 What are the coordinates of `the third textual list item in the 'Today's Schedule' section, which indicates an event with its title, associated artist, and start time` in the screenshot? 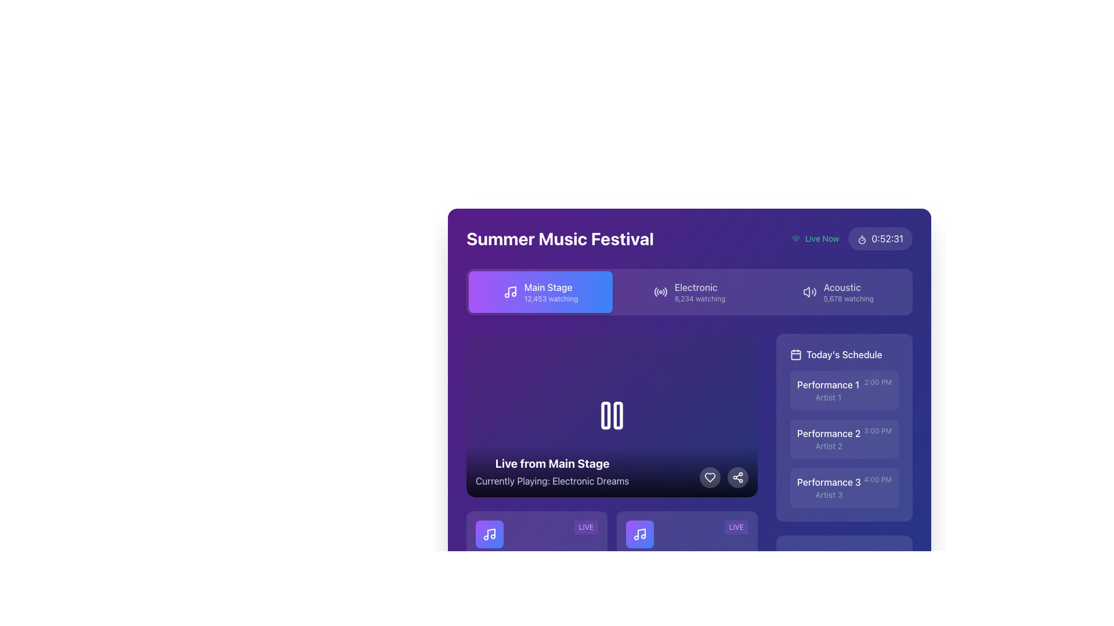 It's located at (844, 487).